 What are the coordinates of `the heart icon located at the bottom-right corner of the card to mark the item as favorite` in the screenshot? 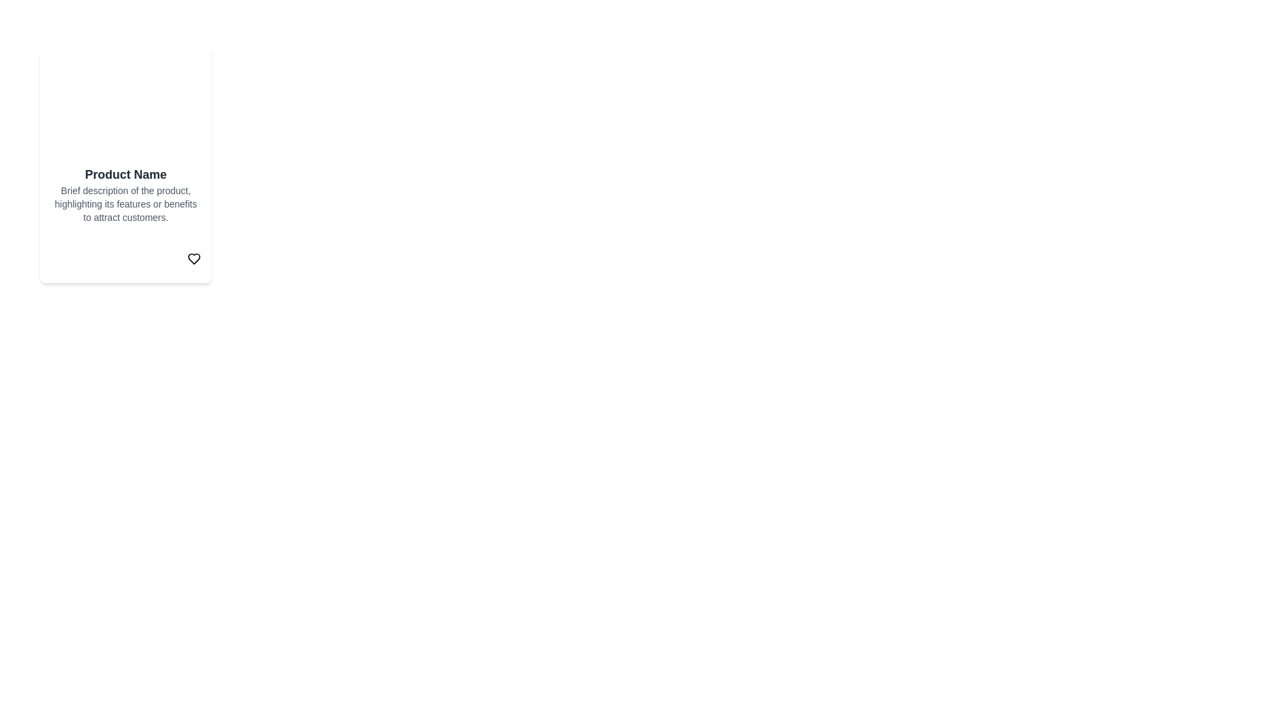 It's located at (193, 258).